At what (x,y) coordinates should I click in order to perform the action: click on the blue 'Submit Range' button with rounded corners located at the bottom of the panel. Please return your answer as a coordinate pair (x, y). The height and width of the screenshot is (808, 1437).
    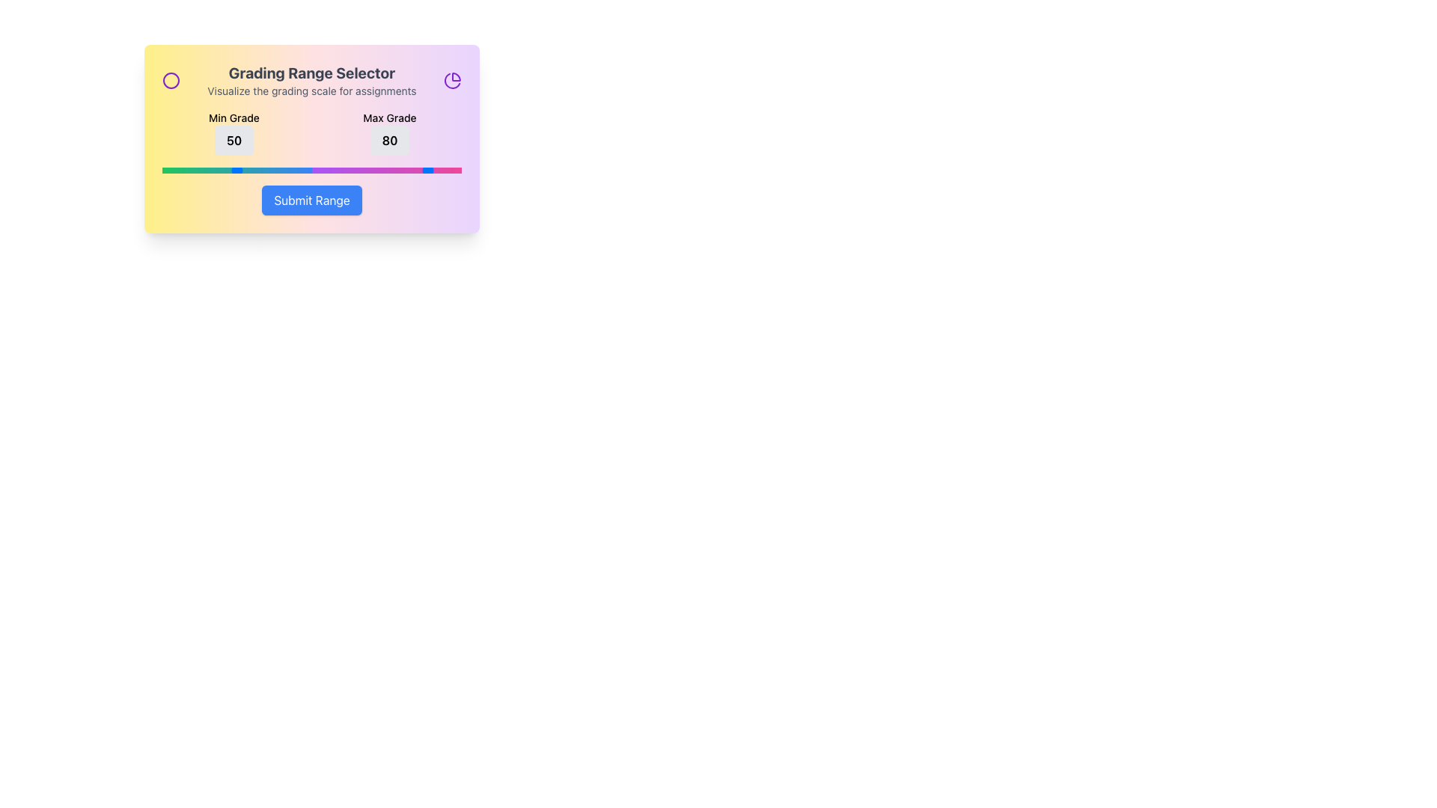
    Looking at the image, I should click on (311, 199).